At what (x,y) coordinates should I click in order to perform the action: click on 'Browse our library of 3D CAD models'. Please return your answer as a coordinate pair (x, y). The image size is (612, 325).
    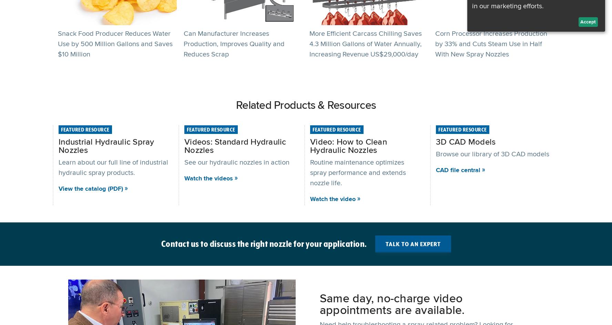
    Looking at the image, I should click on (493, 153).